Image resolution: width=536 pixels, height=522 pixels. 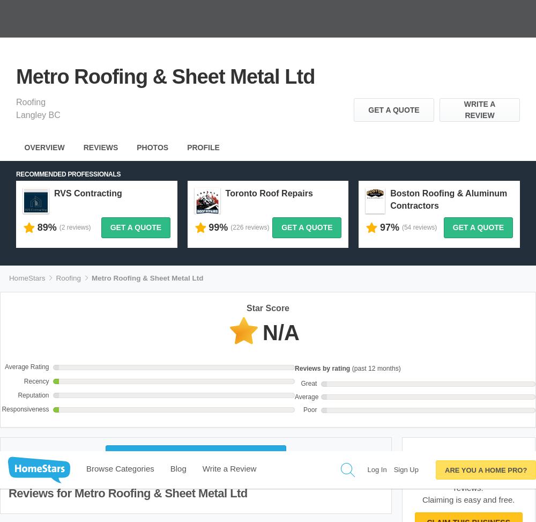 I want to click on 'HomeStars', so click(x=299, y=408).